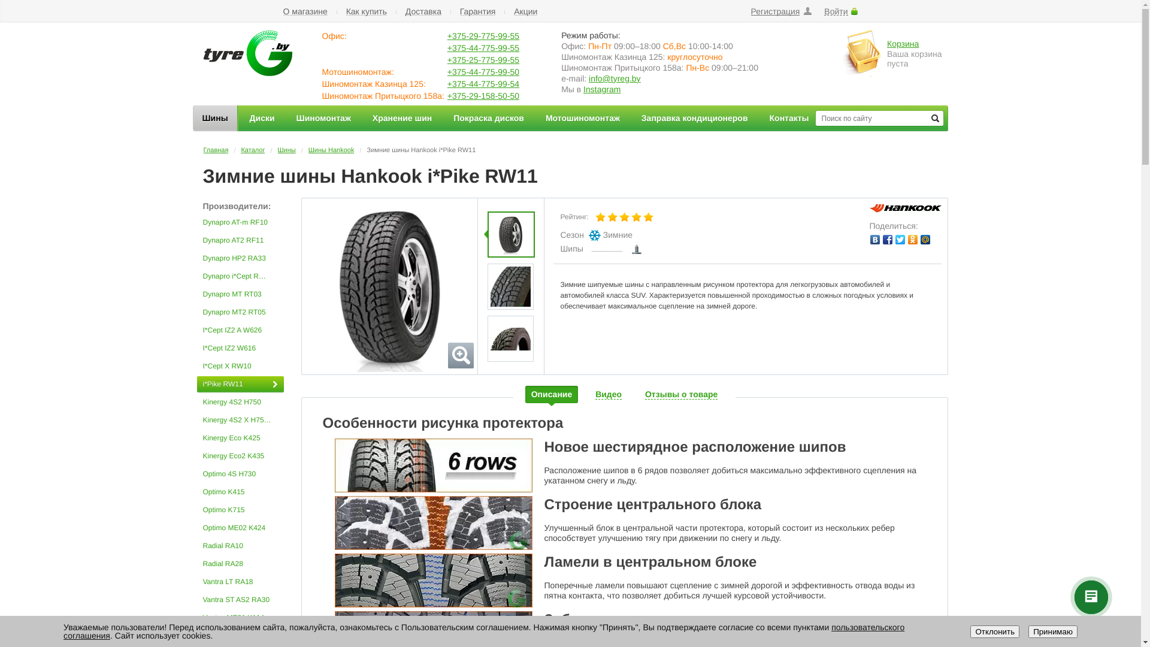 The image size is (1150, 647). Describe the element at coordinates (196, 438) in the screenshot. I see `'Kinergy Eco K425'` at that location.